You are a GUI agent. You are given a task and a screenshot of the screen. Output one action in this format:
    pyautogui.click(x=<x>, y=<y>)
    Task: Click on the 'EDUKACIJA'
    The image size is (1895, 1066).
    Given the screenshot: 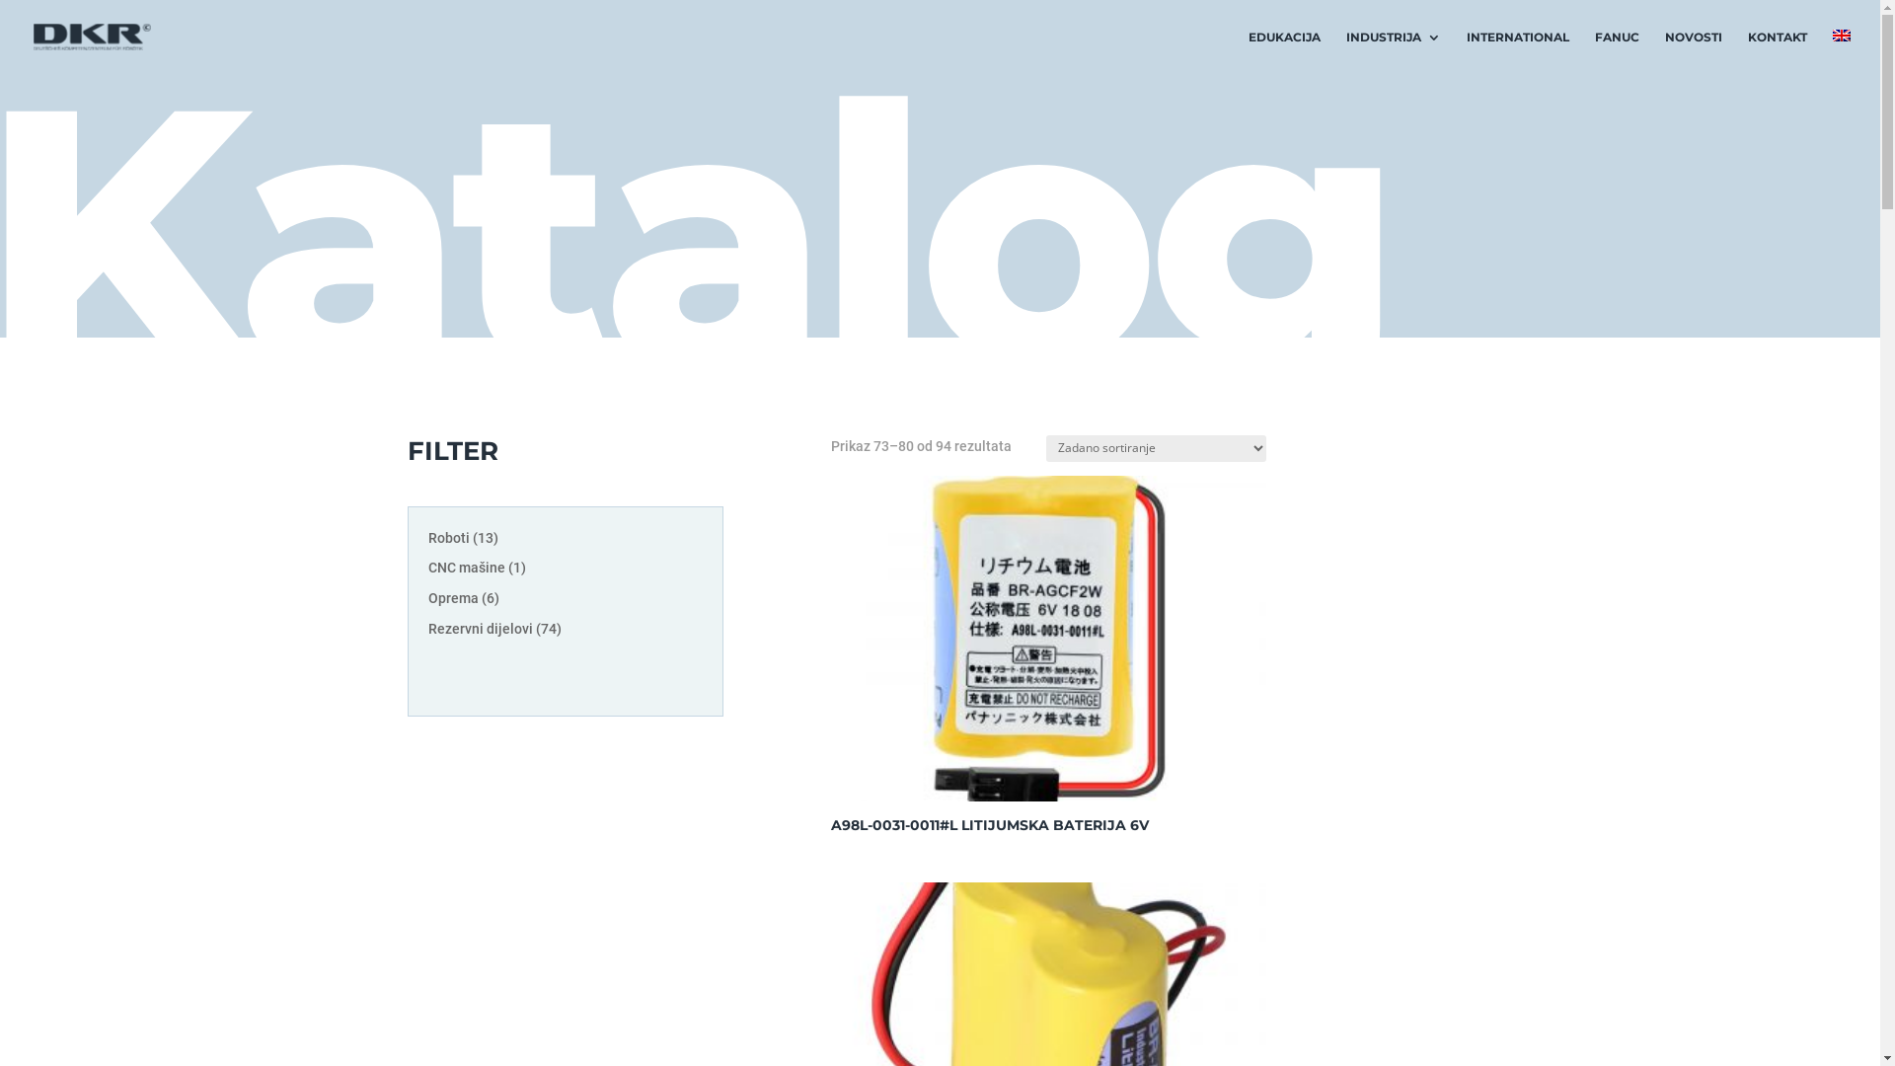 What is the action you would take?
    pyautogui.click(x=1284, y=51)
    